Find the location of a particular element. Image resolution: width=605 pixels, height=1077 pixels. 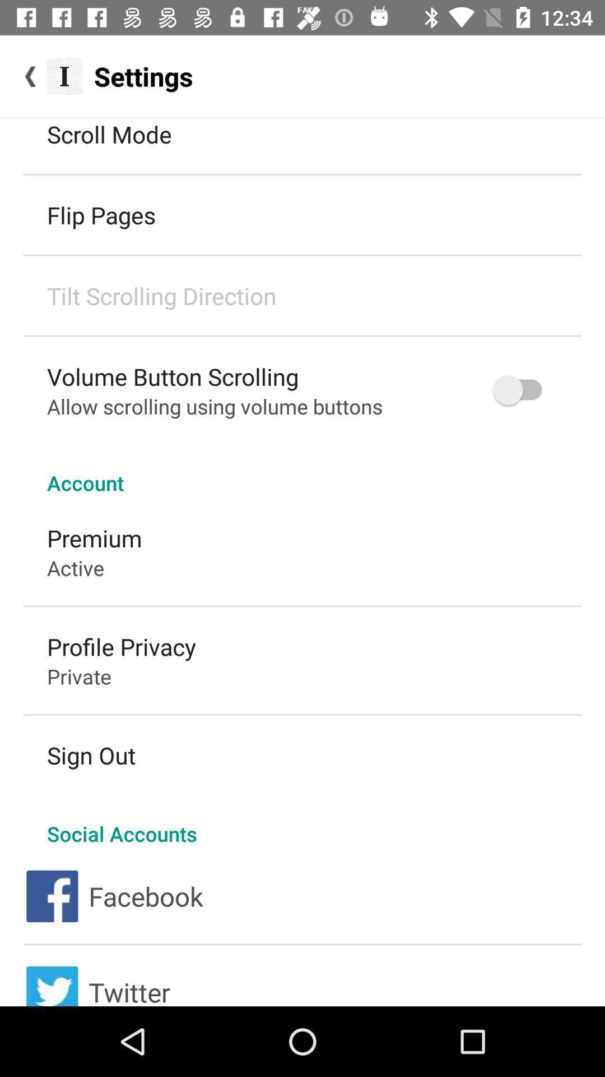

icon above volume button scrolling is located at coordinates (161, 296).